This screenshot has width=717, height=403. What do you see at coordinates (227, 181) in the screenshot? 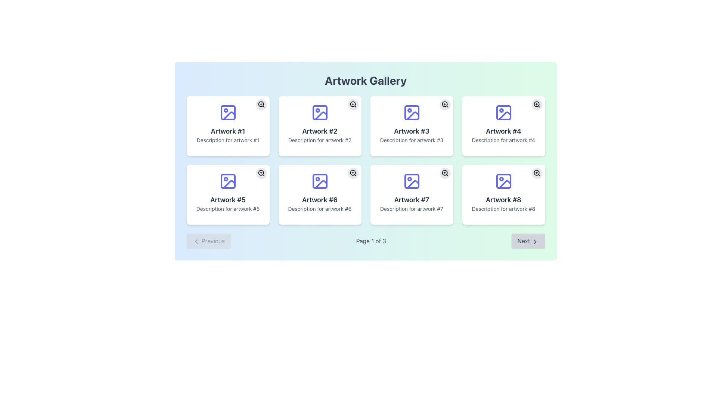
I see `the purple circular SVG icon with a diagonal line, located at the center top of the 'Artwork #5' card` at bounding box center [227, 181].